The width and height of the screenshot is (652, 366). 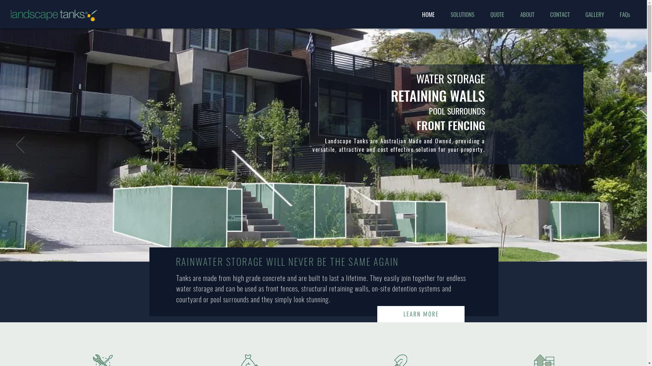 What do you see at coordinates (560, 14) in the screenshot?
I see `'CONTACT'` at bounding box center [560, 14].